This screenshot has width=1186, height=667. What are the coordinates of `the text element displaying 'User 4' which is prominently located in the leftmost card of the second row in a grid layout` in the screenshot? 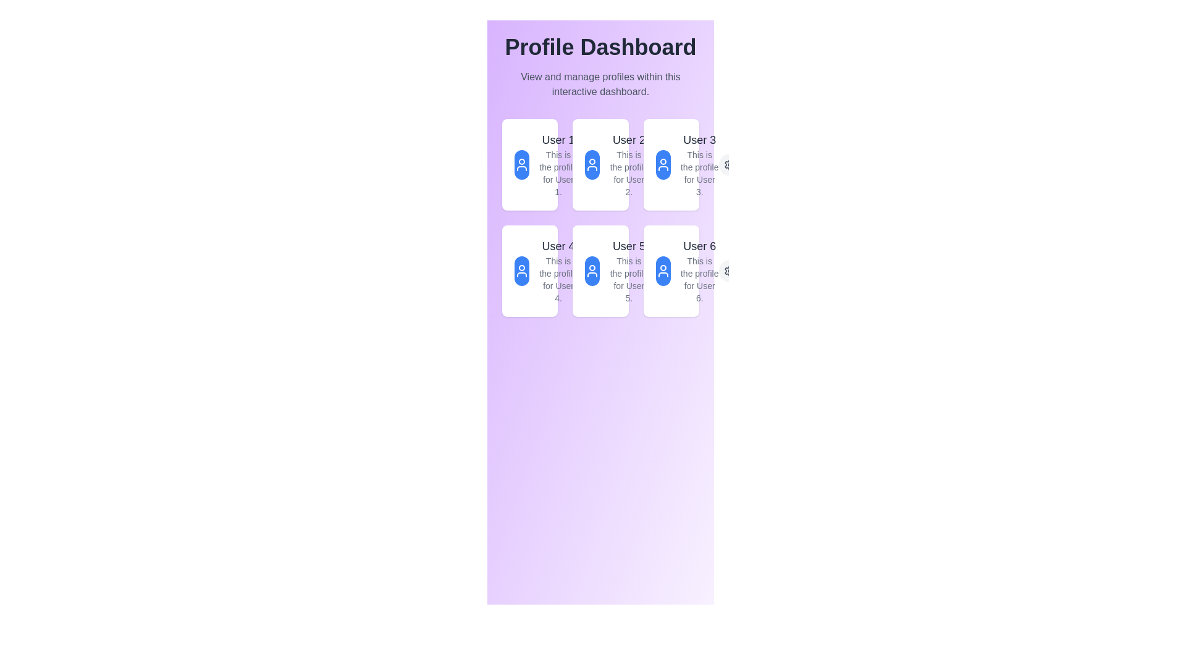 It's located at (558, 246).